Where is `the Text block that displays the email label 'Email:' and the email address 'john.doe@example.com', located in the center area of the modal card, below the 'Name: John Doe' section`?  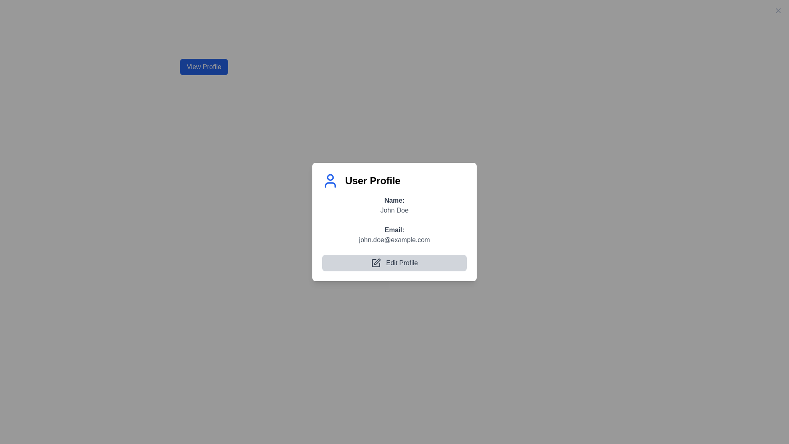
the Text block that displays the email label 'Email:' and the email address 'john.doe@example.com', located in the center area of the modal card, below the 'Name: John Doe' section is located at coordinates (394, 234).